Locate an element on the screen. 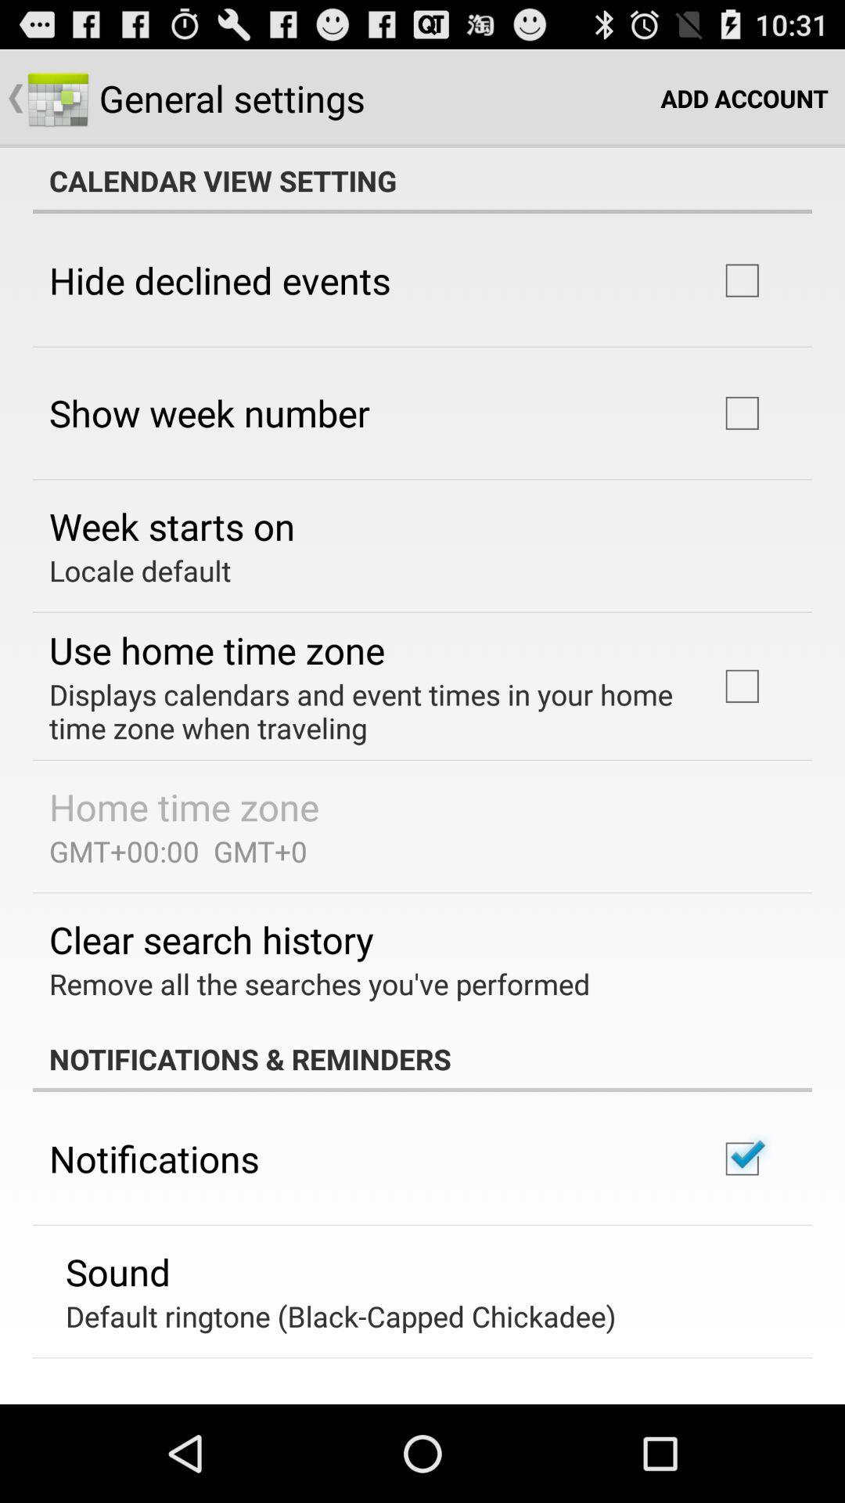 The width and height of the screenshot is (845, 1503). item above the notifications & reminders item is located at coordinates (318, 983).